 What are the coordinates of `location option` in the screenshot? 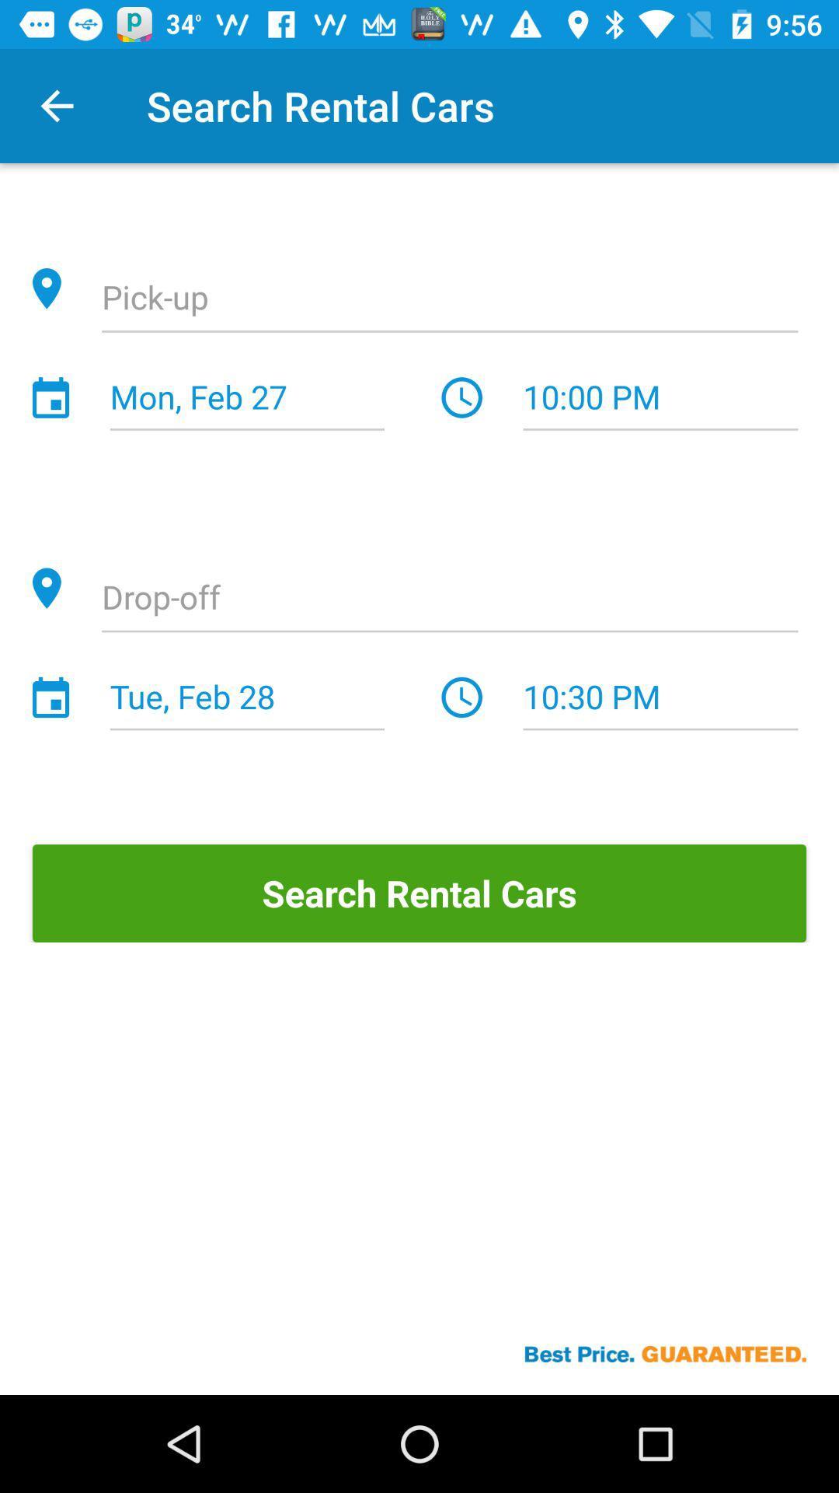 It's located at (450, 299).